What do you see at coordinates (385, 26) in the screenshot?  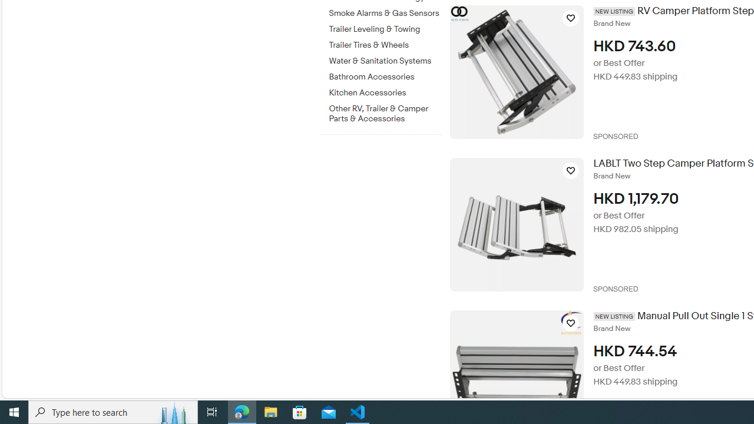 I see `'Trailer Leveling & Towing'` at bounding box center [385, 26].